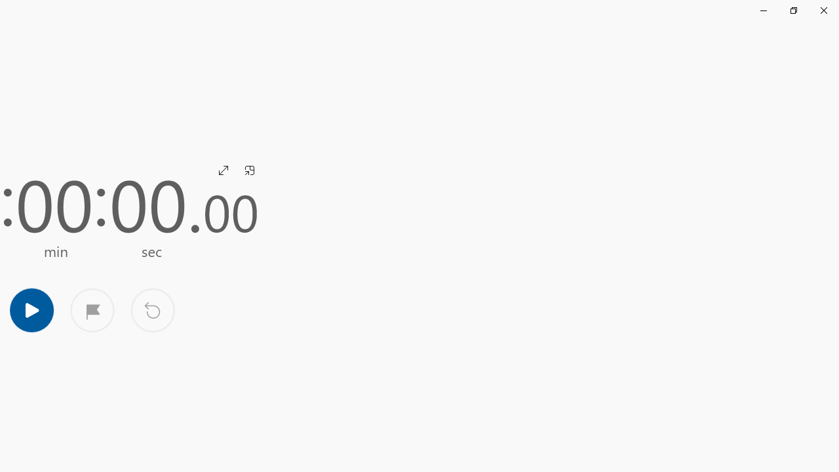 The image size is (839, 472). What do you see at coordinates (763, 10) in the screenshot?
I see `'Minimize Clock'` at bounding box center [763, 10].